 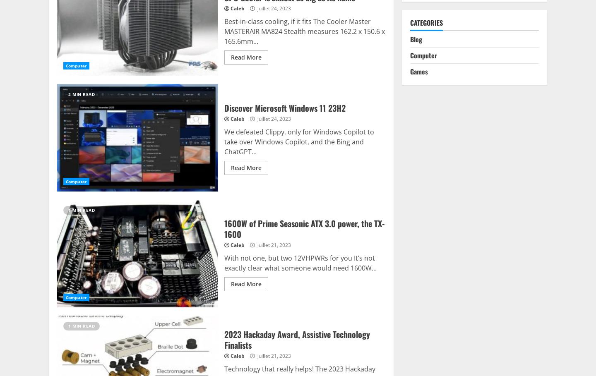 What do you see at coordinates (300, 262) in the screenshot?
I see `'With not one, but two 12VHPWRs for you It’s not exactly clear what someone would need 1600W...'` at bounding box center [300, 262].